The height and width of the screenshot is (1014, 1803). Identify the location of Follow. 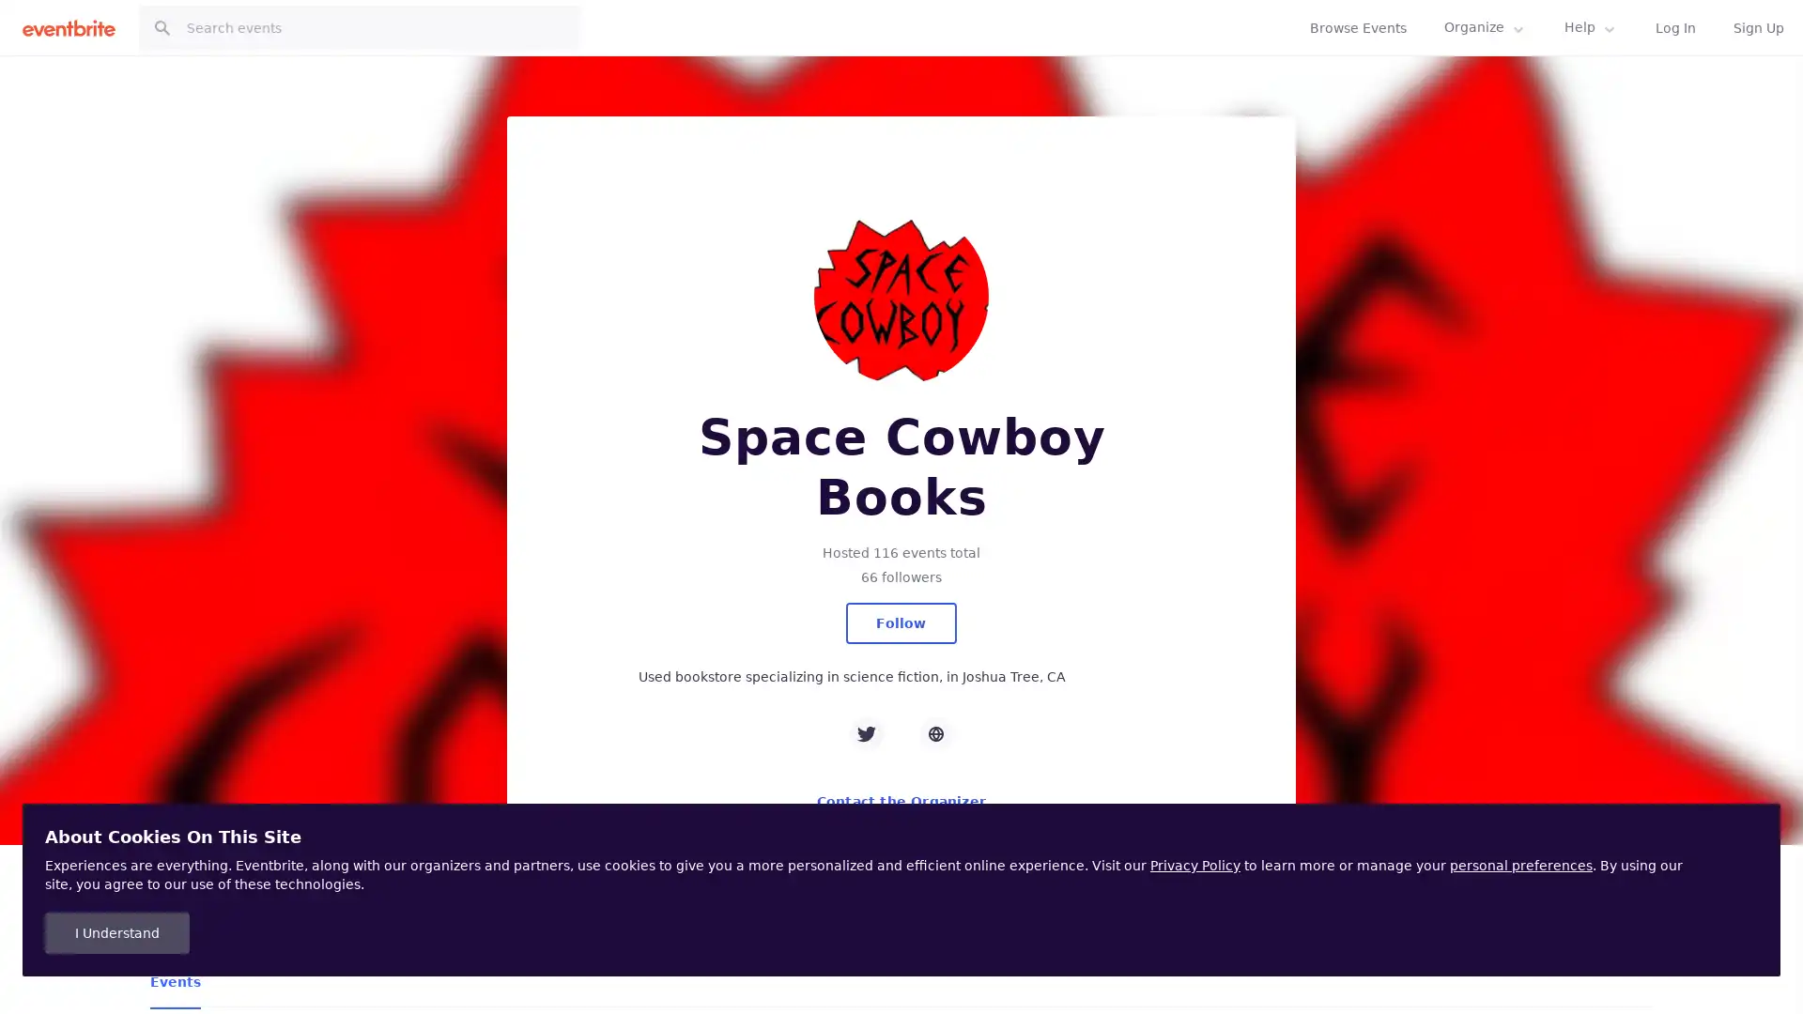
(1595, 50).